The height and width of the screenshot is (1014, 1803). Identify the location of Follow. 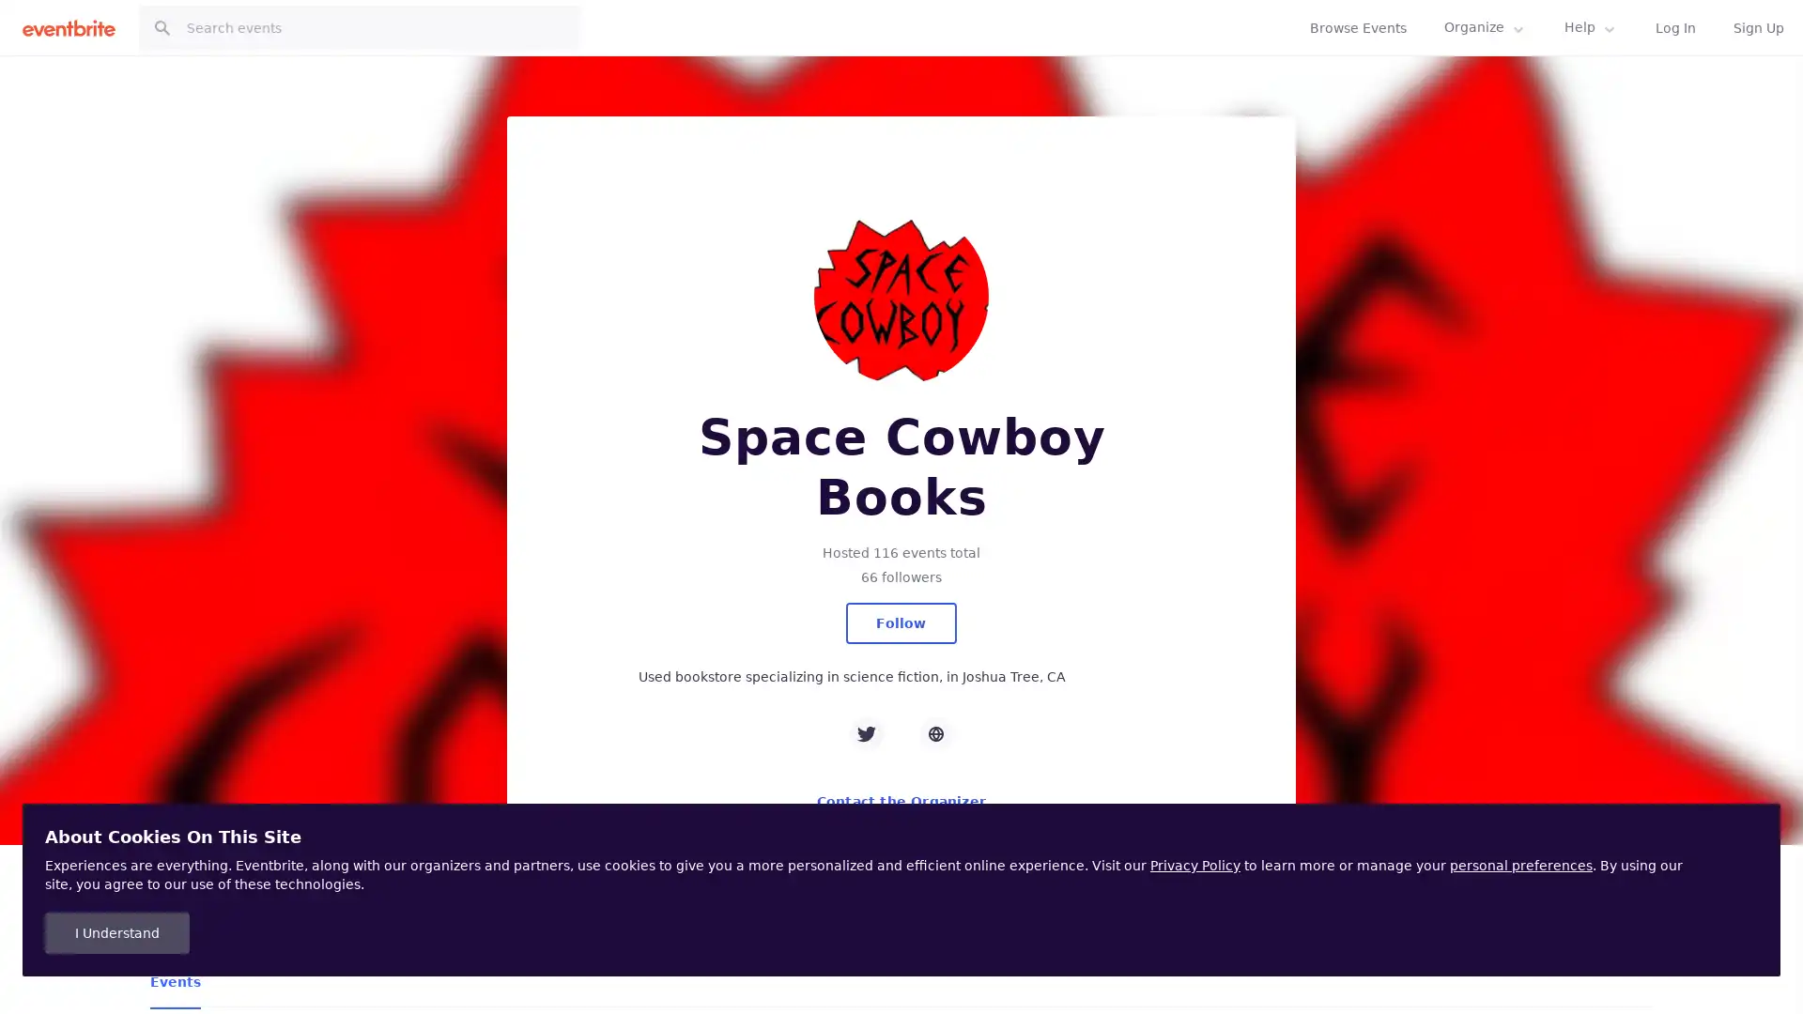
(1595, 50).